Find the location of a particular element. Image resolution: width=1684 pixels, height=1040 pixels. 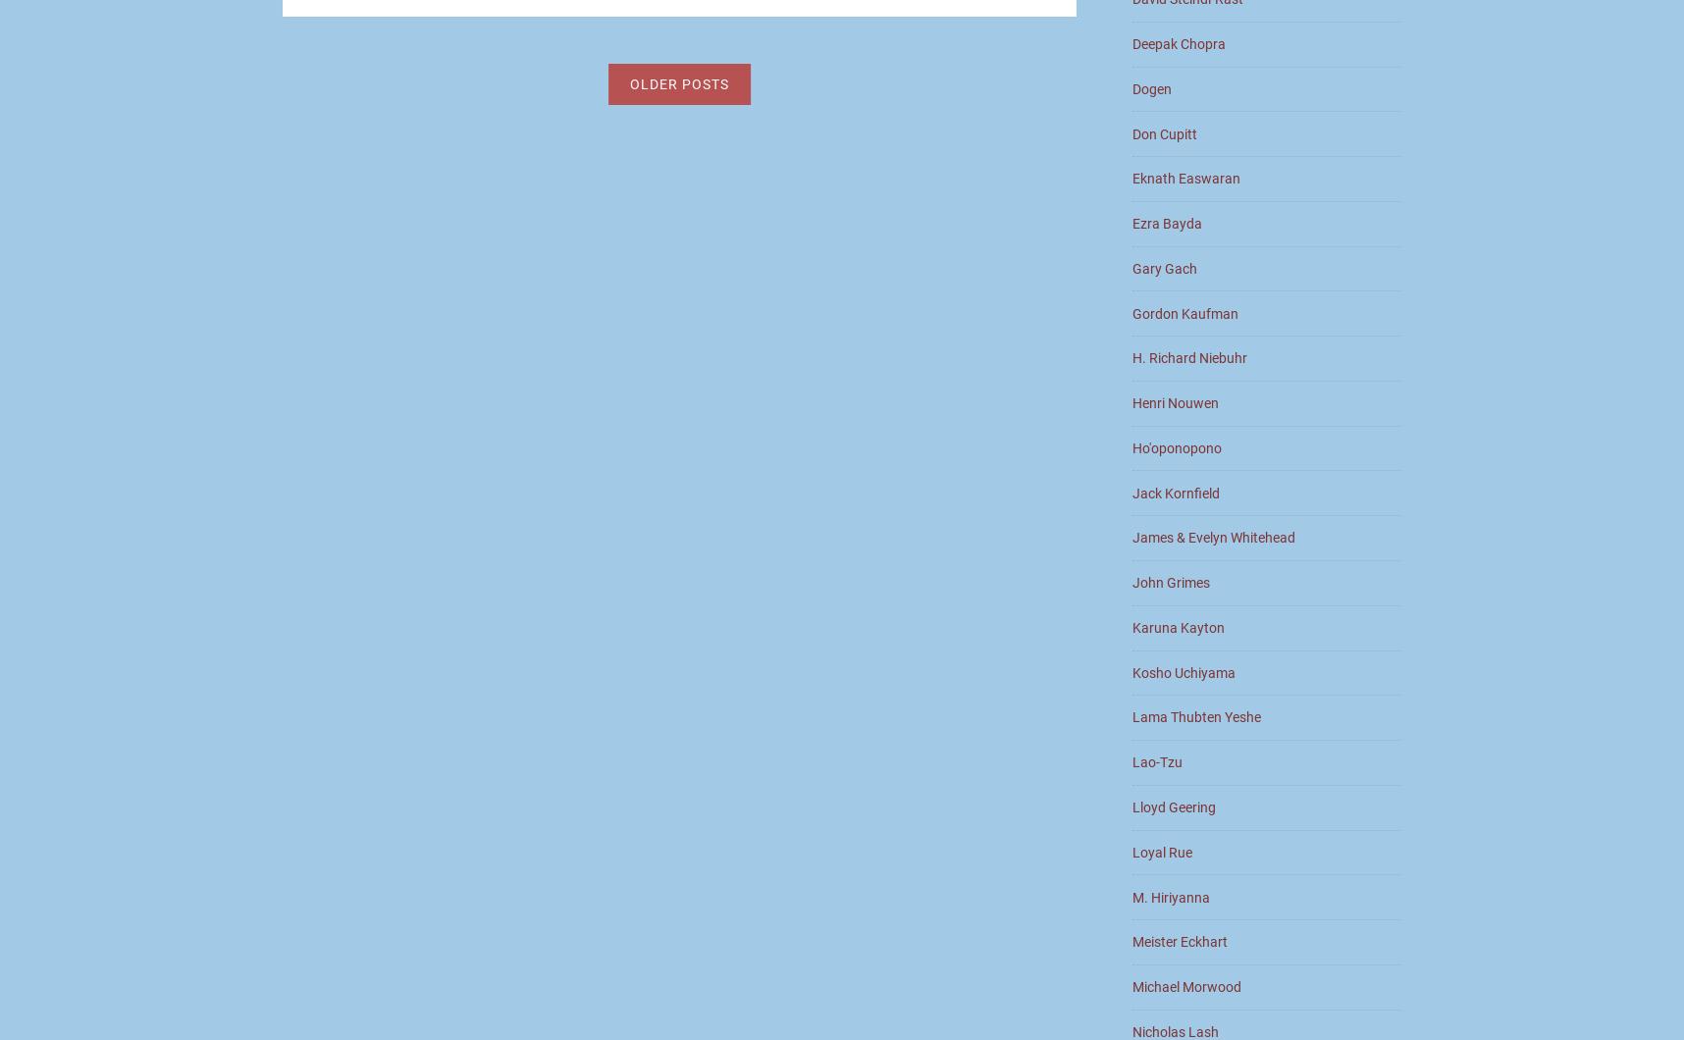

'Karuna Kayton' is located at coordinates (1179, 626).